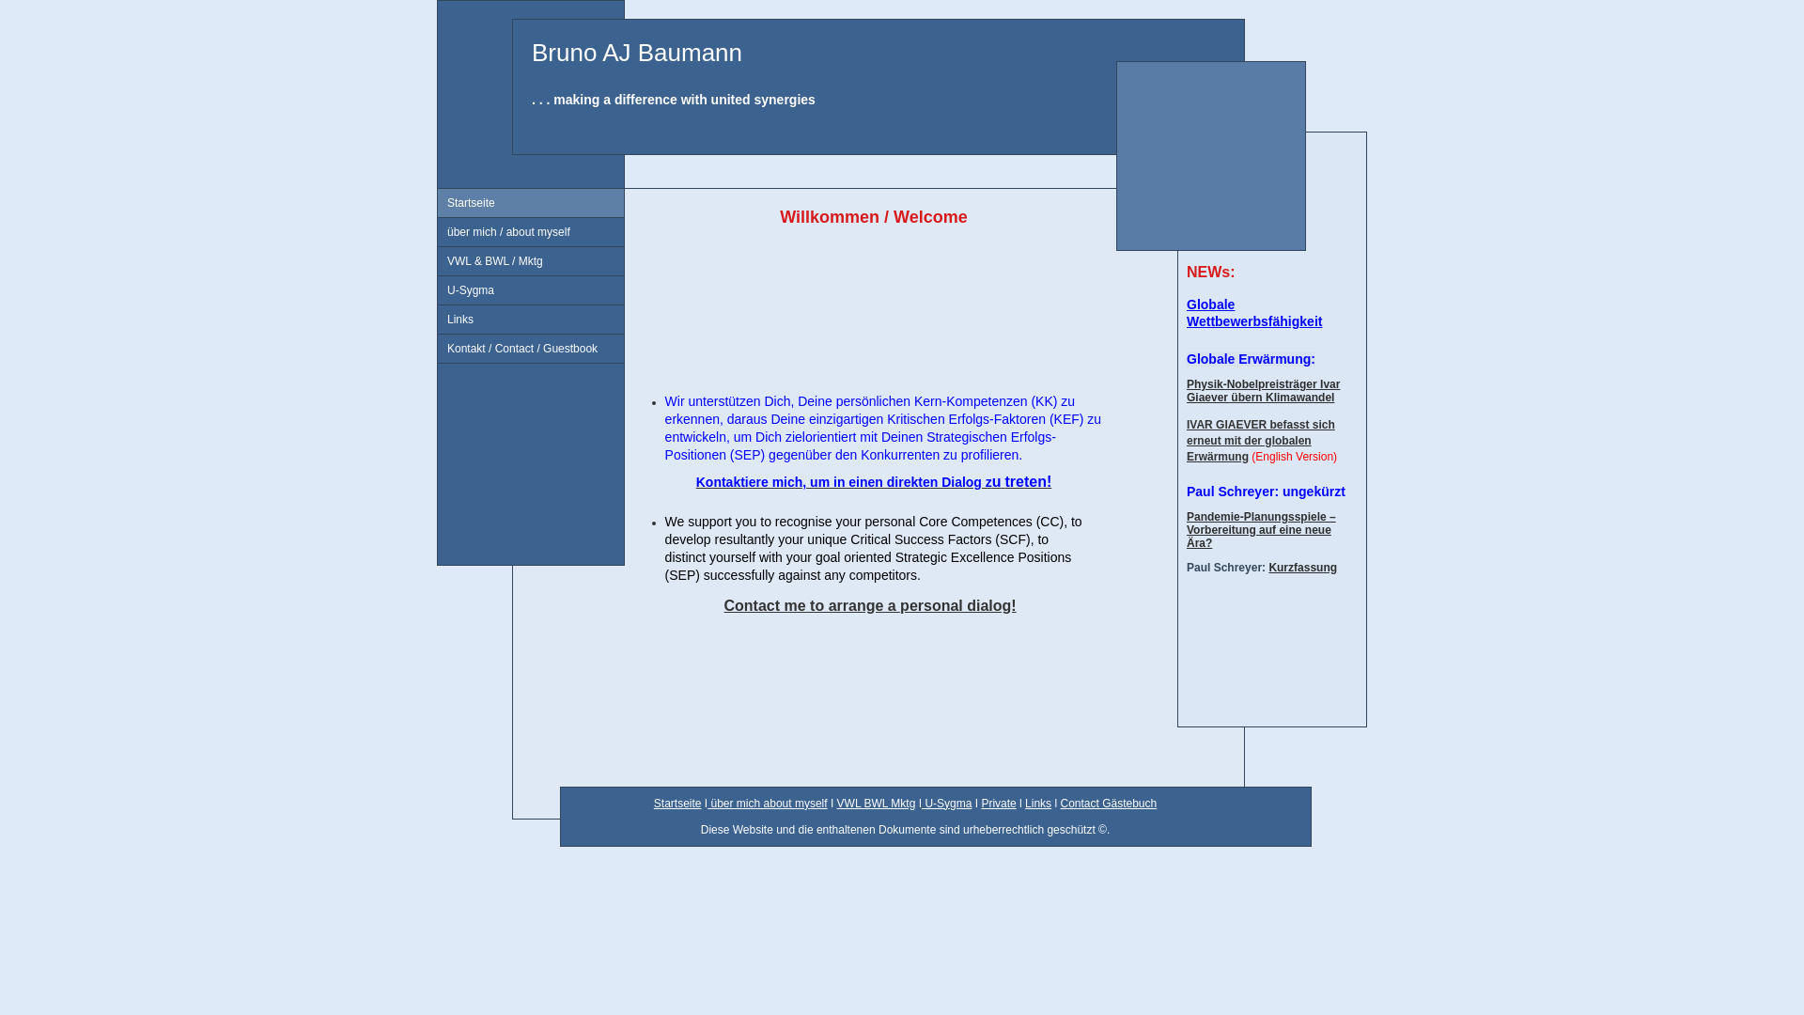 The width and height of the screenshot is (1804, 1015). What do you see at coordinates (1036, 804) in the screenshot?
I see `'Links'` at bounding box center [1036, 804].